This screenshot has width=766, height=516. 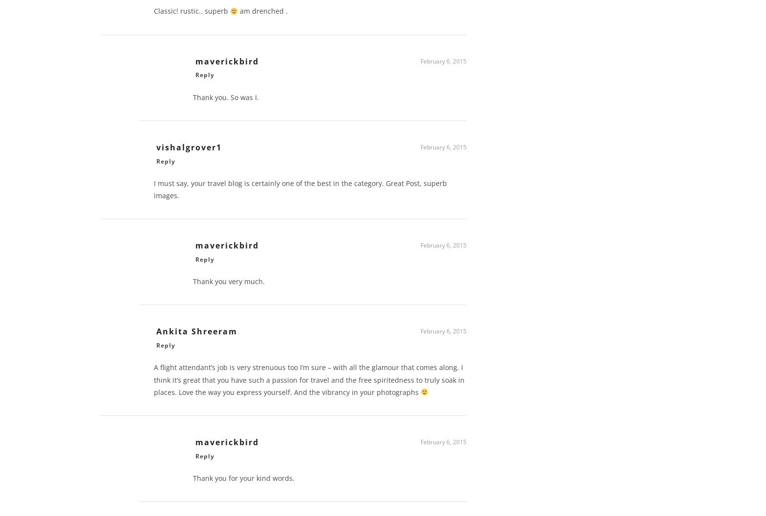 What do you see at coordinates (229, 284) in the screenshot?
I see `'Thank you very much.'` at bounding box center [229, 284].